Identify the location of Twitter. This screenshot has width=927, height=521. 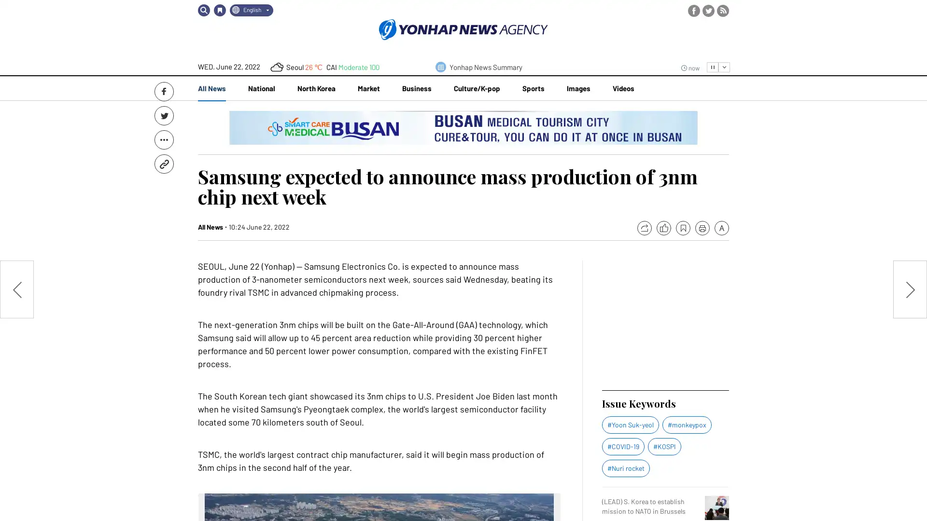
(164, 115).